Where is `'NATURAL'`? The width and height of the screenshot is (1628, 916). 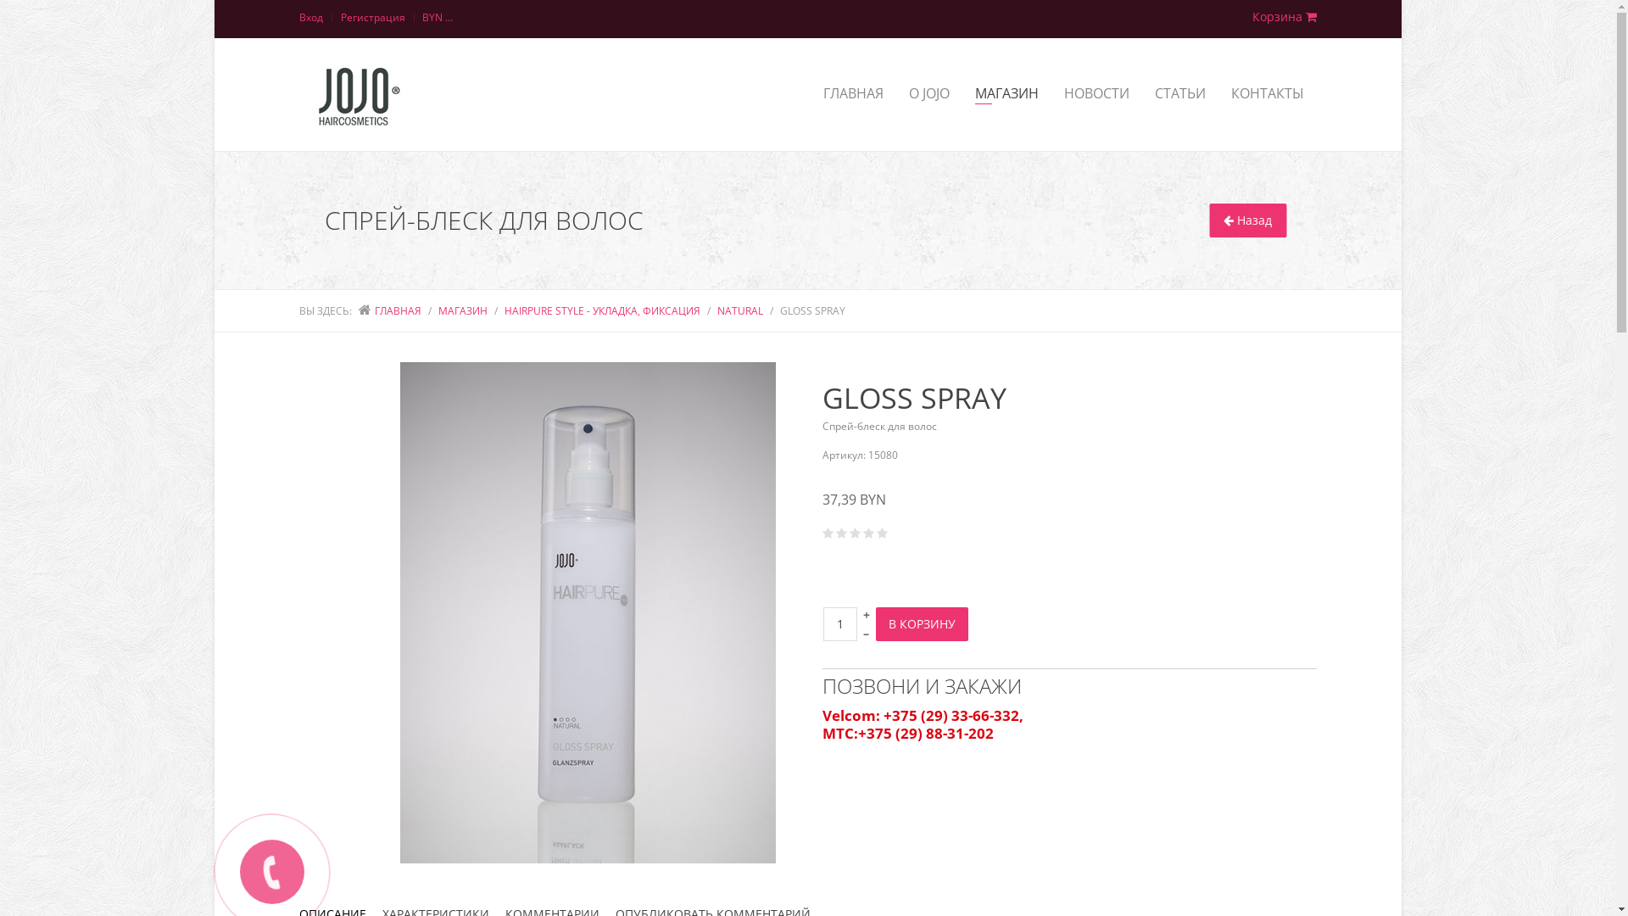 'NATURAL' is located at coordinates (740, 310).